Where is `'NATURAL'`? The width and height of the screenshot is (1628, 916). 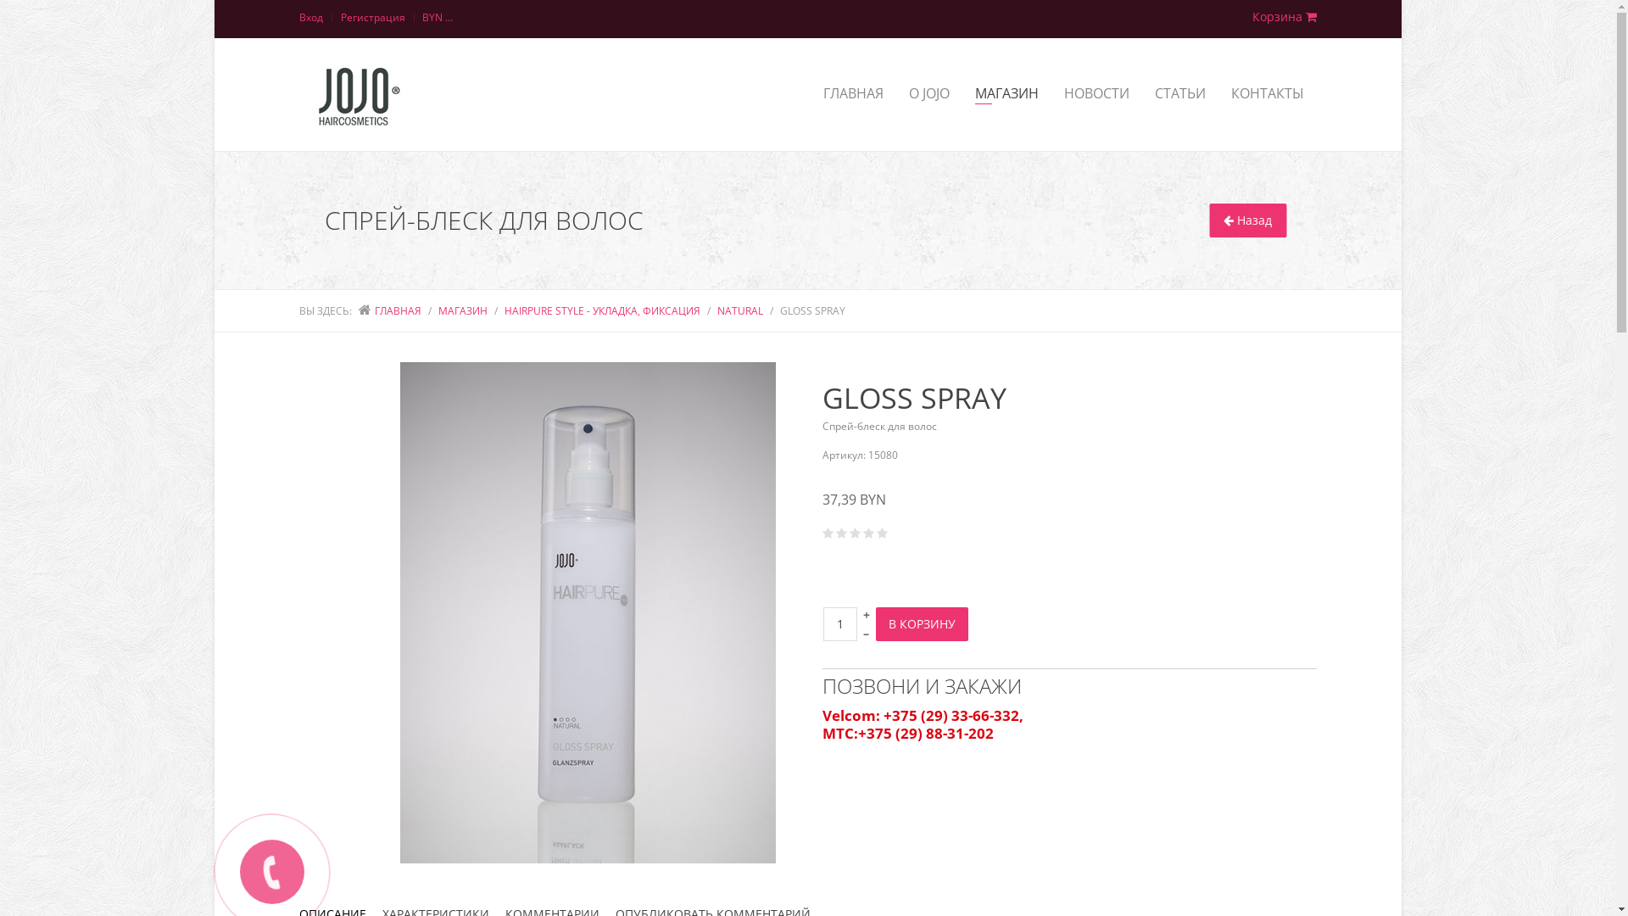 'NATURAL' is located at coordinates (740, 310).